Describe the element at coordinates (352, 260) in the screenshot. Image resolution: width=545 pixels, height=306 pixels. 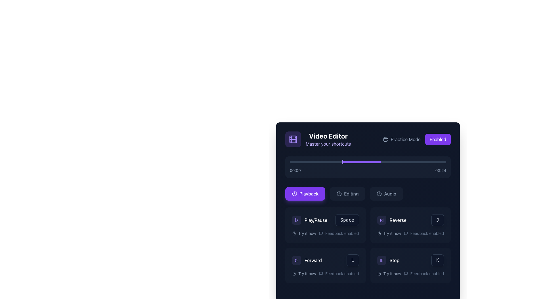
I see `the text label displaying the character 'L' within a rounded rectangle at the bottom-right corner of the 'Forward' section` at that location.